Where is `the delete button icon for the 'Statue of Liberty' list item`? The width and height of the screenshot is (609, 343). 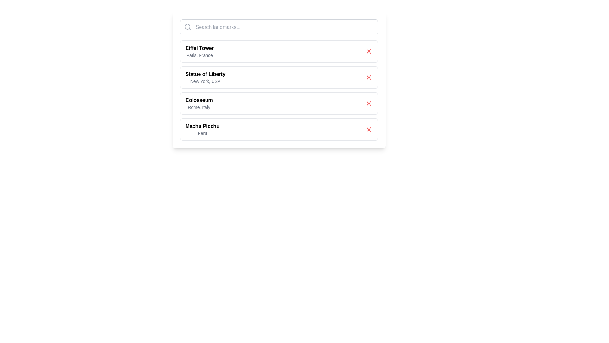
the delete button icon for the 'Statue of Liberty' list item is located at coordinates (369, 77).